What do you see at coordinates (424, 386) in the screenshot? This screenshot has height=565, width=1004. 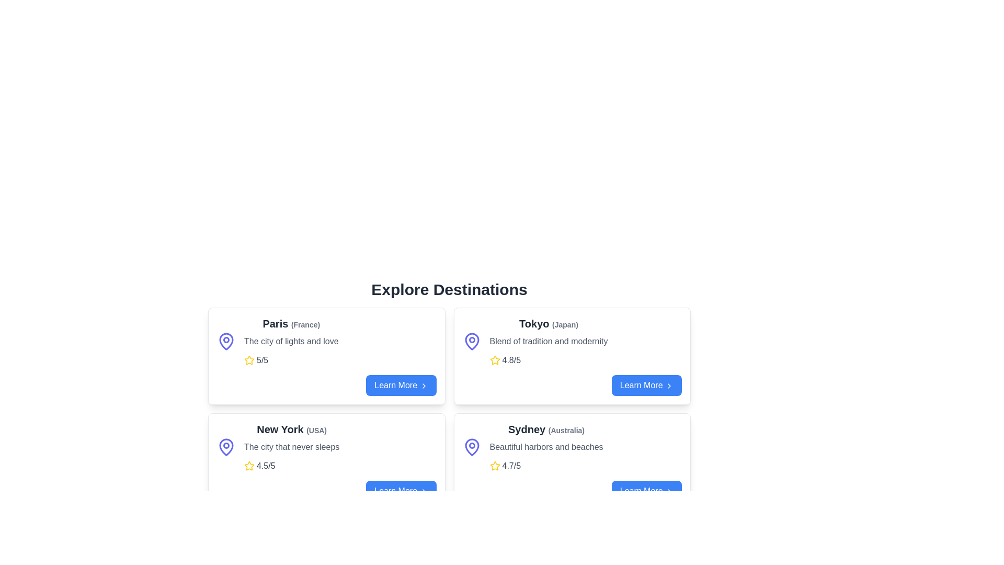 I see `the chevron-shaped arrow icon pointing to the right, located in the blue 'Learn More' button adjacent to the text 'Learn More'` at bounding box center [424, 386].